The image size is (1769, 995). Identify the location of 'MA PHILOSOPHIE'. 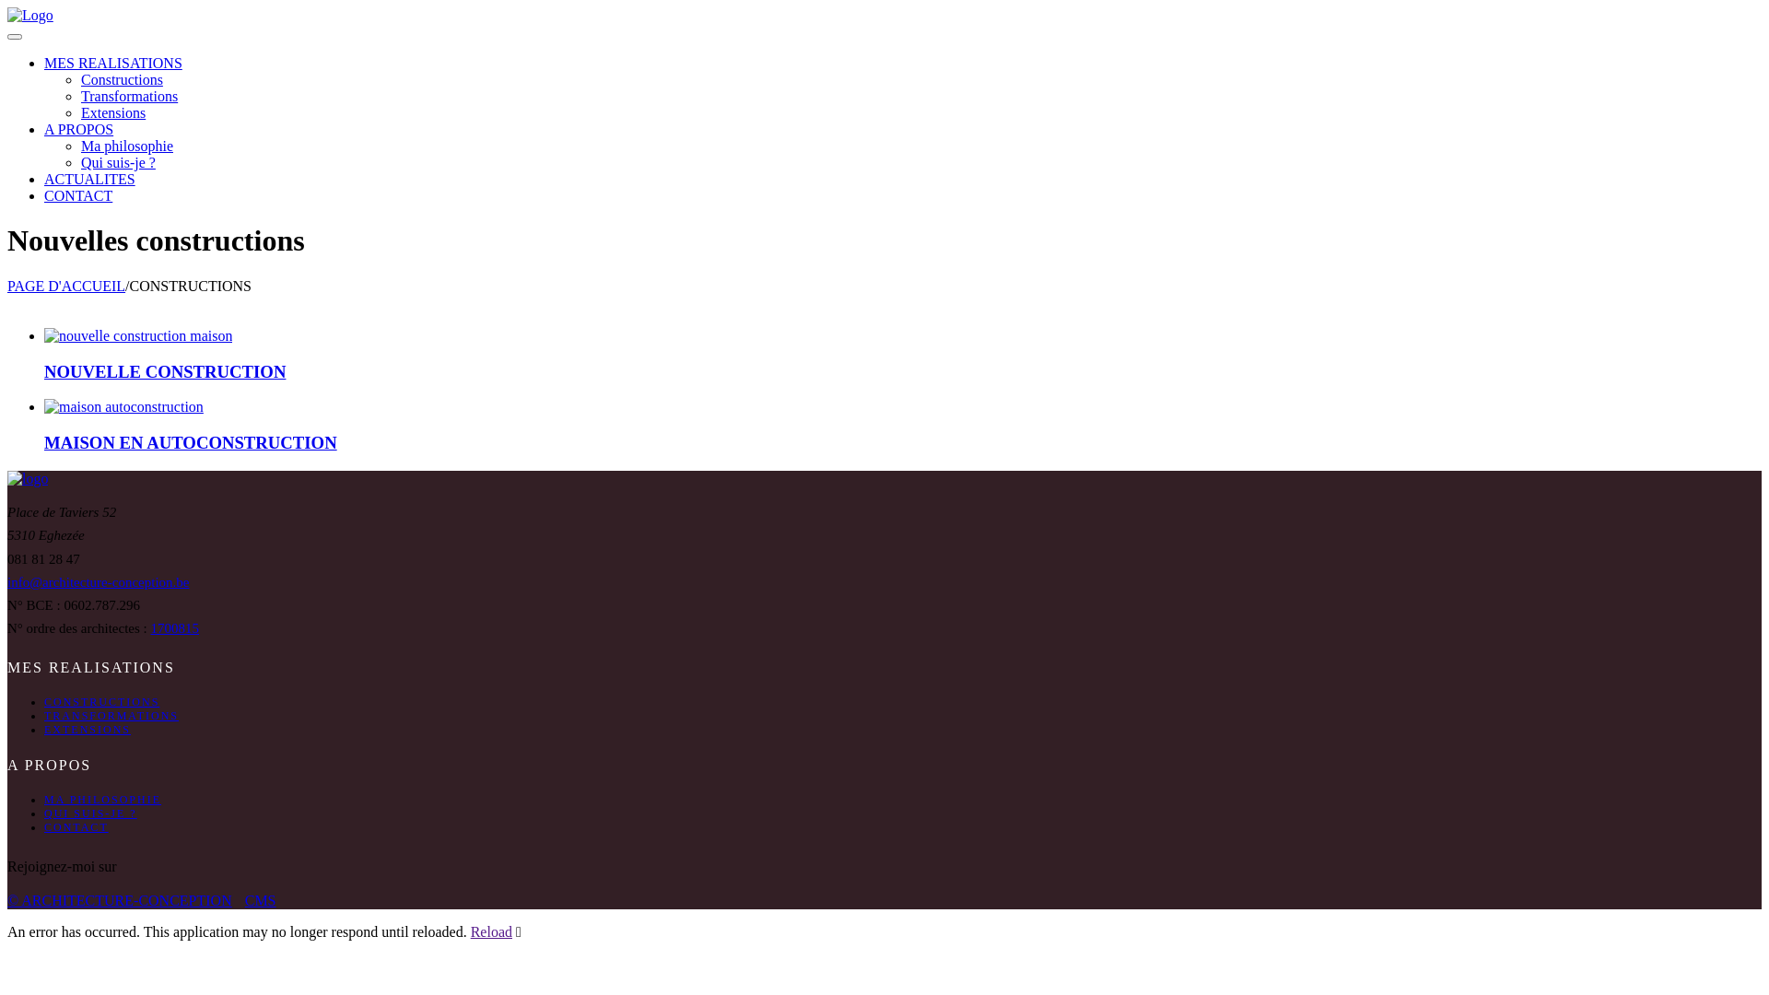
(101, 798).